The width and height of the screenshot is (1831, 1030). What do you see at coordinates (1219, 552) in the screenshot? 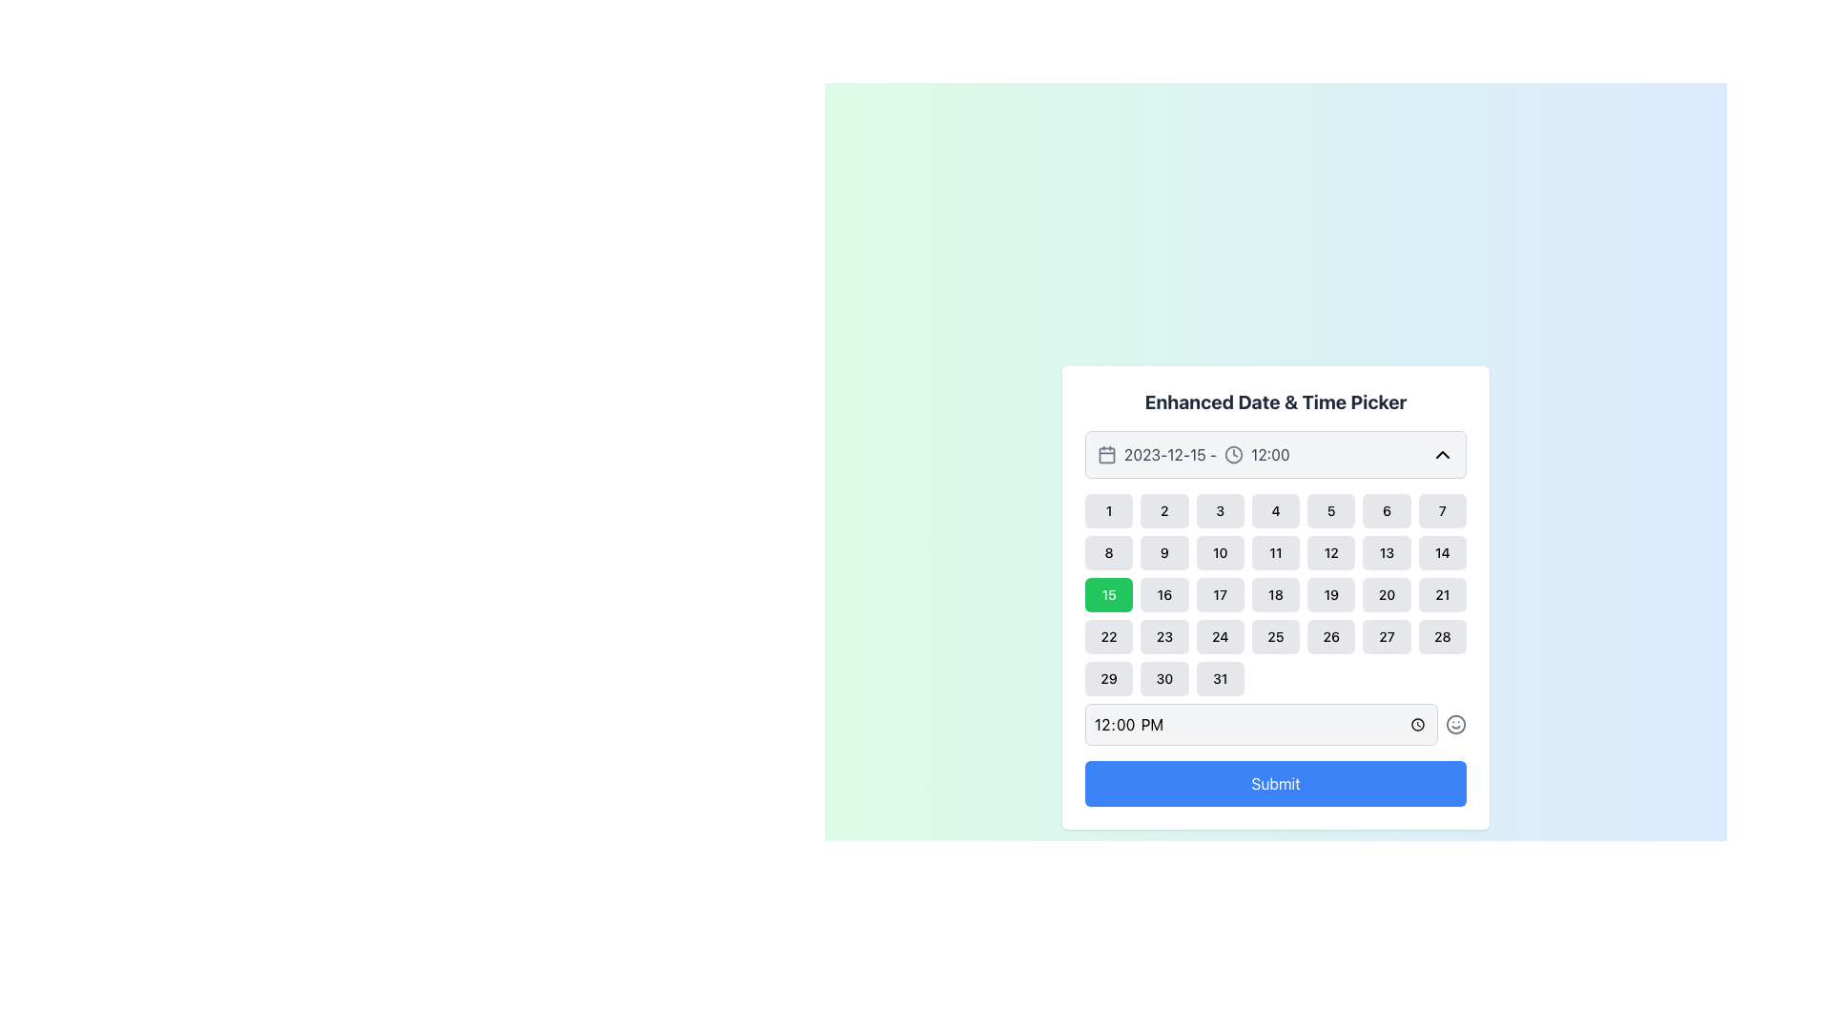
I see `the small rectangular button with rounded corners displaying the bold black text '10', located` at bounding box center [1219, 552].